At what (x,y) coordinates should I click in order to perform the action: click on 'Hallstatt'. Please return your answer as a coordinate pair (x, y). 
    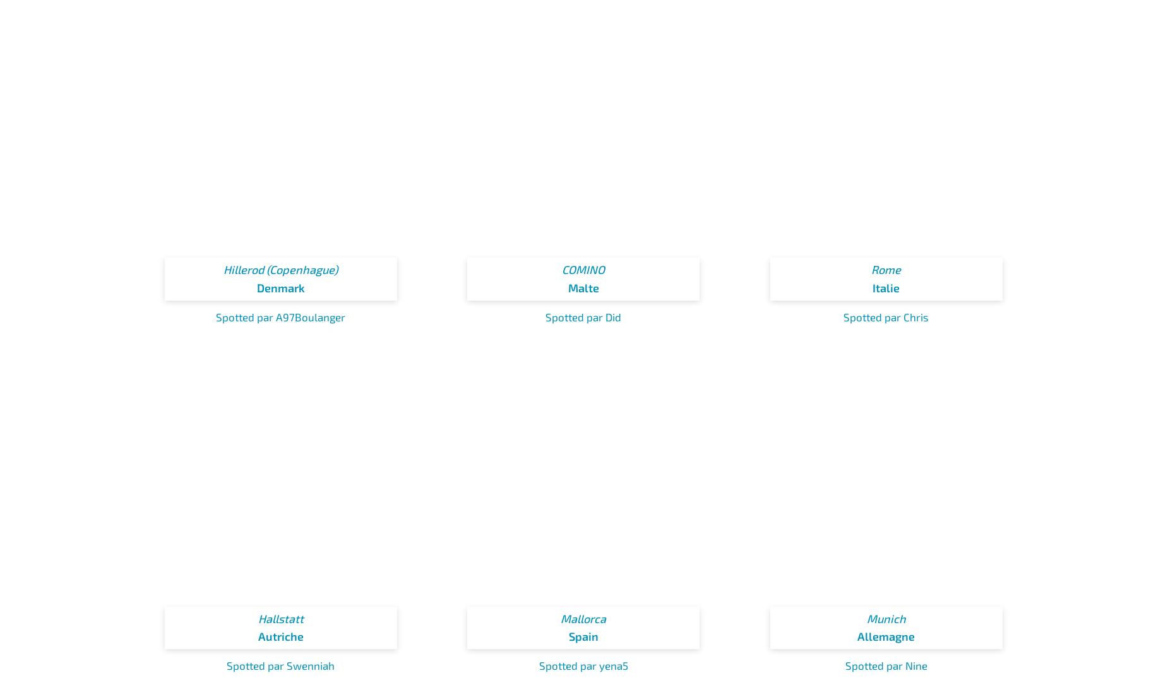
    Looking at the image, I should click on (280, 617).